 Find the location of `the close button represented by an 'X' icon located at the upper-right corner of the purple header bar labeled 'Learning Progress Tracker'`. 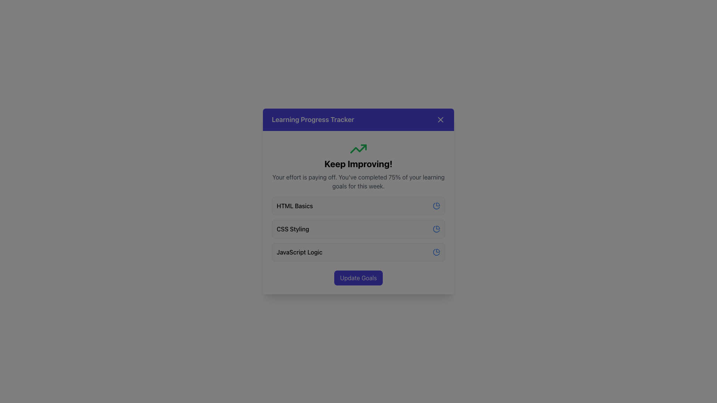

the close button represented by an 'X' icon located at the upper-right corner of the purple header bar labeled 'Learning Progress Tracker' is located at coordinates (441, 119).